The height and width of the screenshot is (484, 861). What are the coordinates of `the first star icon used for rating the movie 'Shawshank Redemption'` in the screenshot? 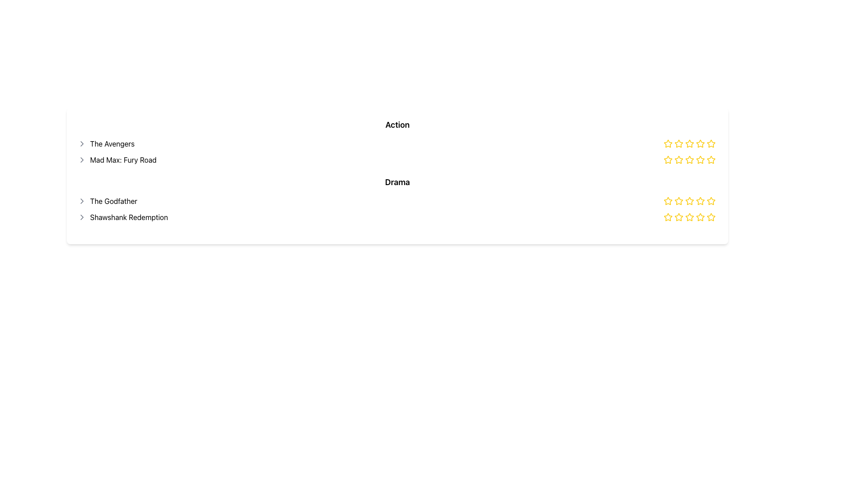 It's located at (667, 216).